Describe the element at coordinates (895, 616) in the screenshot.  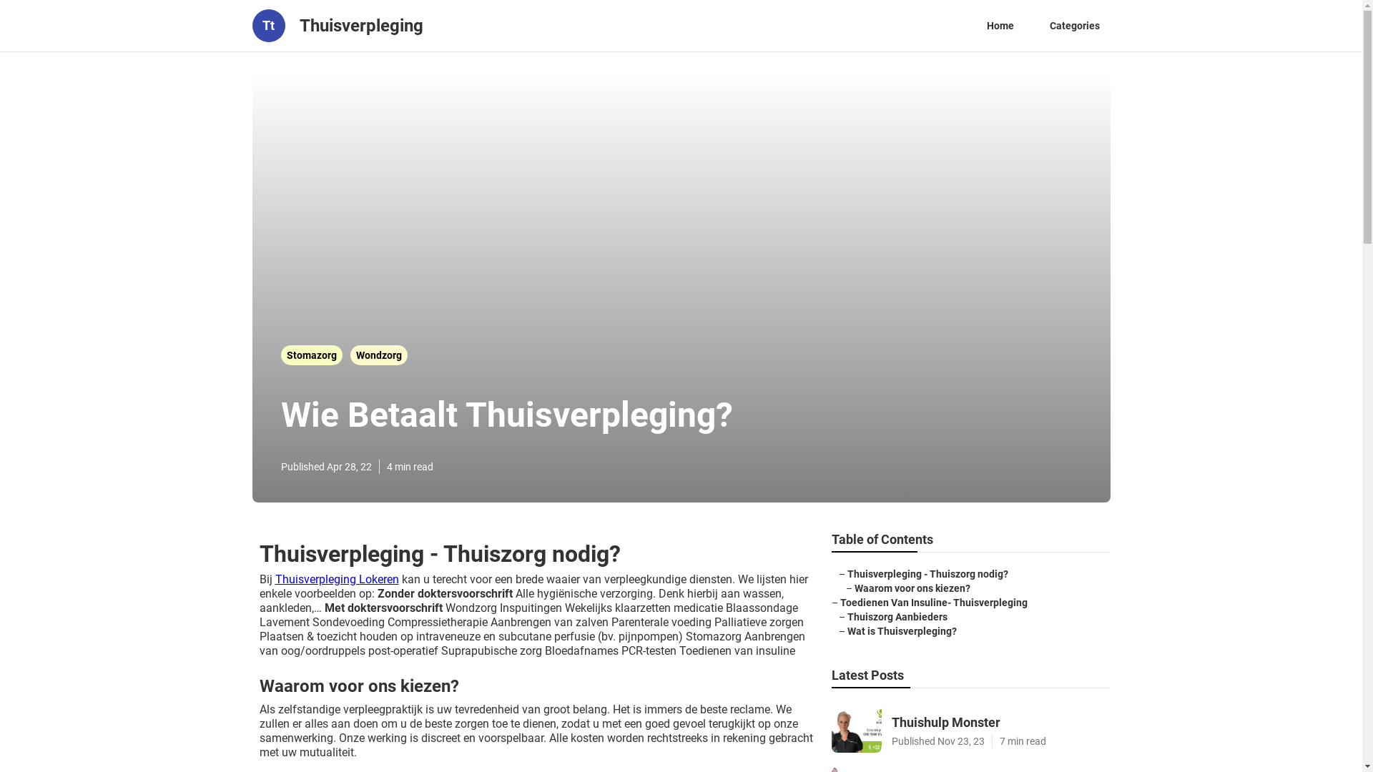
I see `'Thuiszorg Aanbieders'` at that location.